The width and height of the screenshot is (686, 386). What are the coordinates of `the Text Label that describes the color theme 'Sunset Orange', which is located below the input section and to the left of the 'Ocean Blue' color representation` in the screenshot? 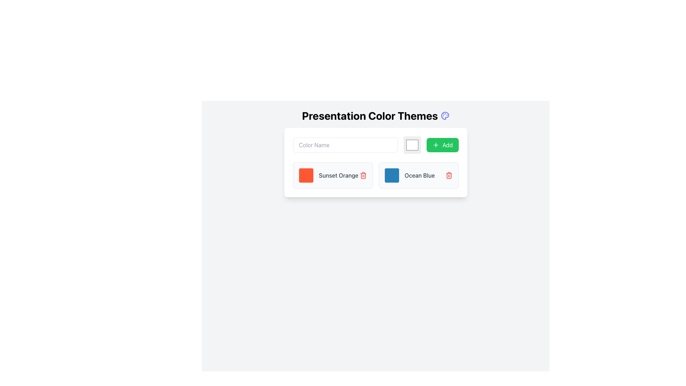 It's located at (338, 175).